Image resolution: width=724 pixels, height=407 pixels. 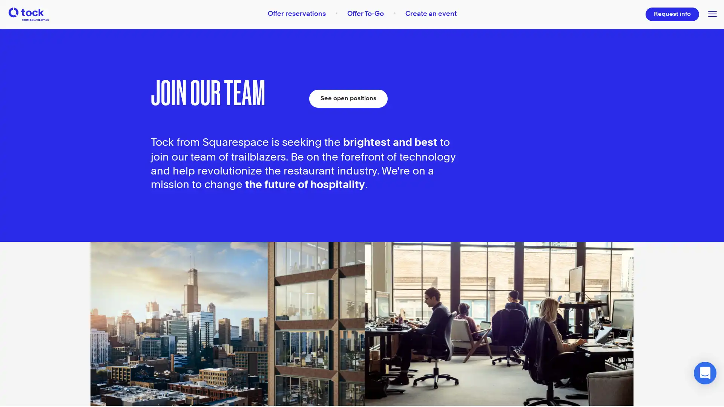 I want to click on Open Intercom Messenger, so click(x=705, y=373).